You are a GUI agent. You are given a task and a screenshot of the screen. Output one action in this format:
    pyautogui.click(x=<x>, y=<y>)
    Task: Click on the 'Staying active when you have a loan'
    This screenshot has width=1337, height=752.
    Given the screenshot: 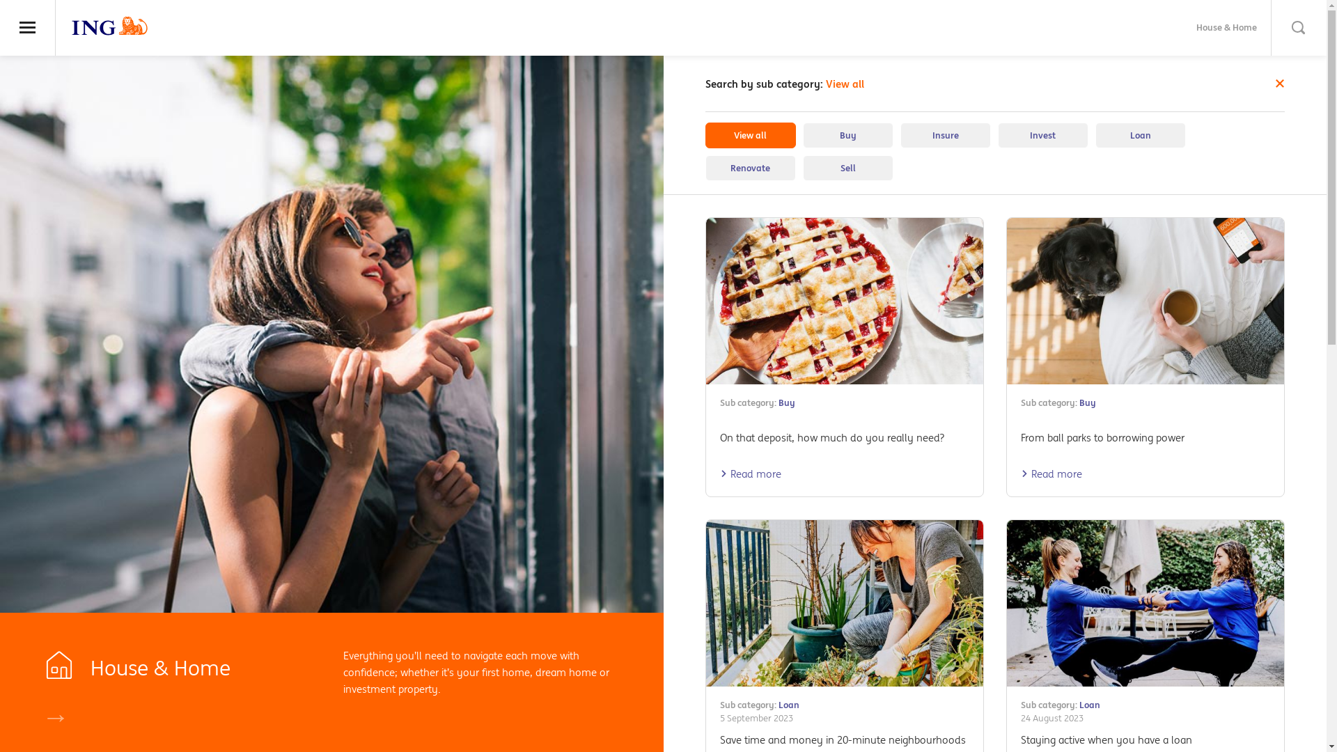 What is the action you would take?
    pyautogui.click(x=1105, y=739)
    